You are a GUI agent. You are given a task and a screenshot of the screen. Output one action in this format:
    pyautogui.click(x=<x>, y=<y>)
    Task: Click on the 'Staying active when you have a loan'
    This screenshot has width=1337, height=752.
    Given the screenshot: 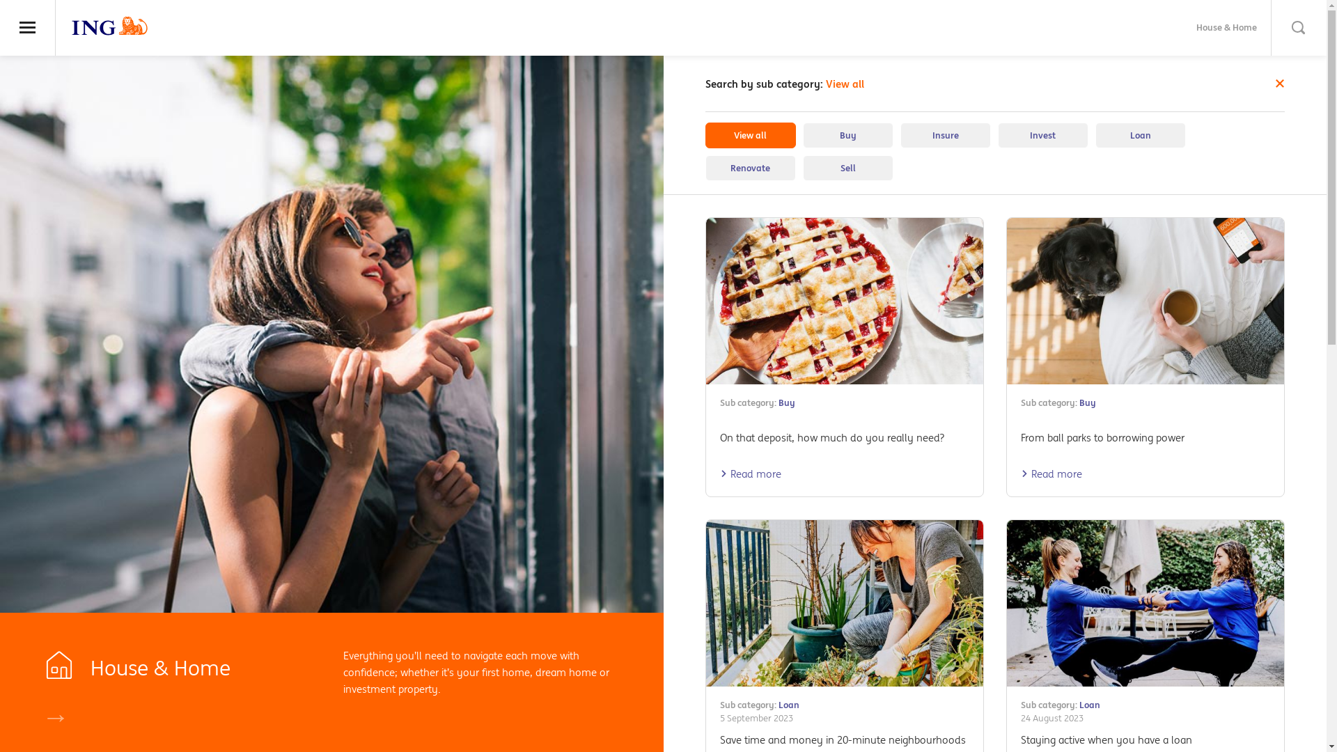 What is the action you would take?
    pyautogui.click(x=1105, y=739)
    